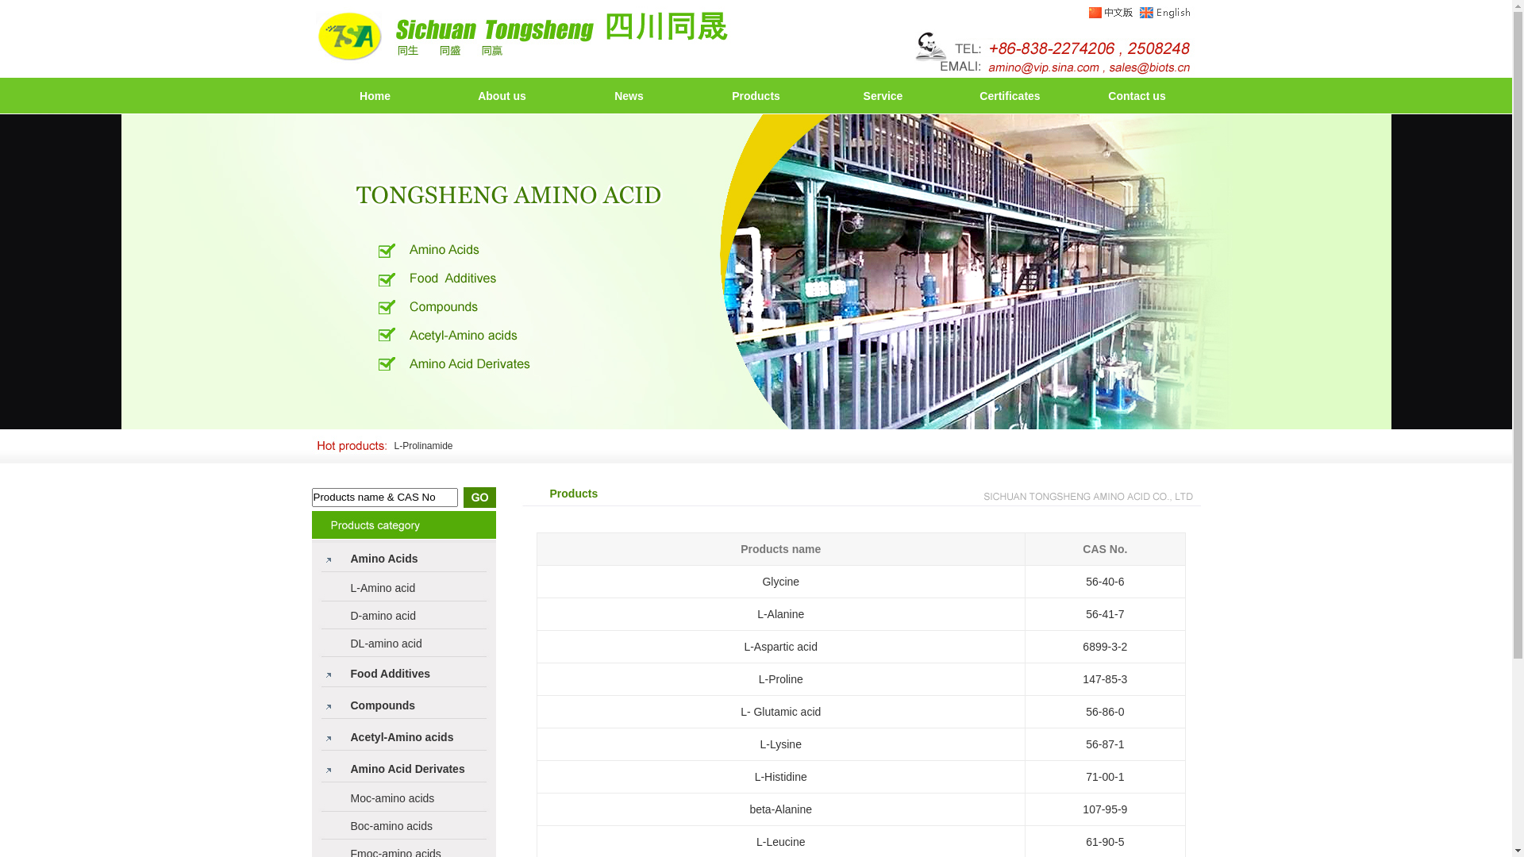  I want to click on 'L-Alanine', so click(756, 613).